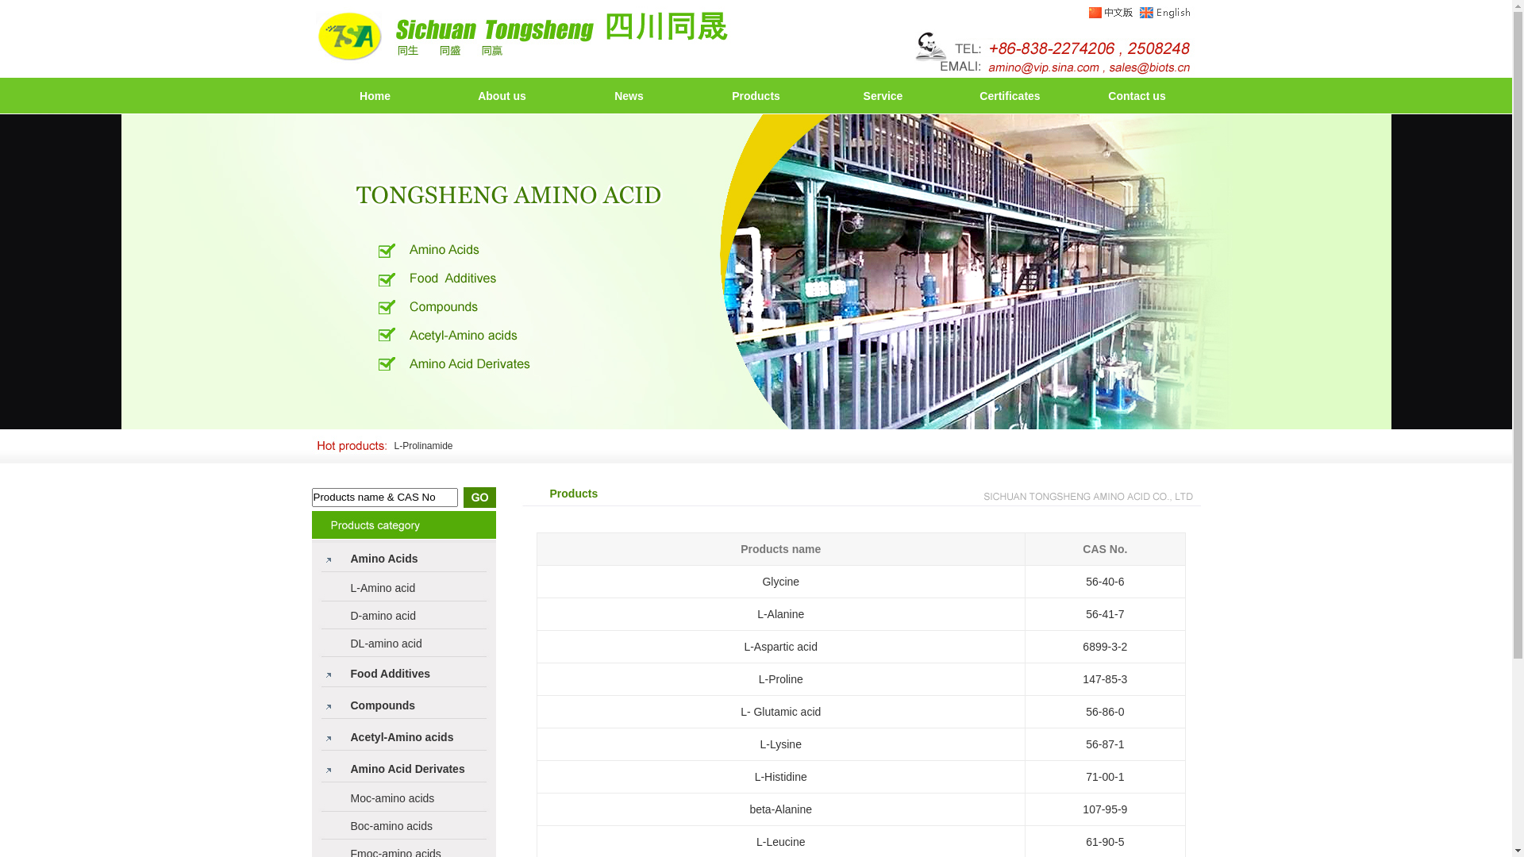  I want to click on 'L-Alanine', so click(756, 613).